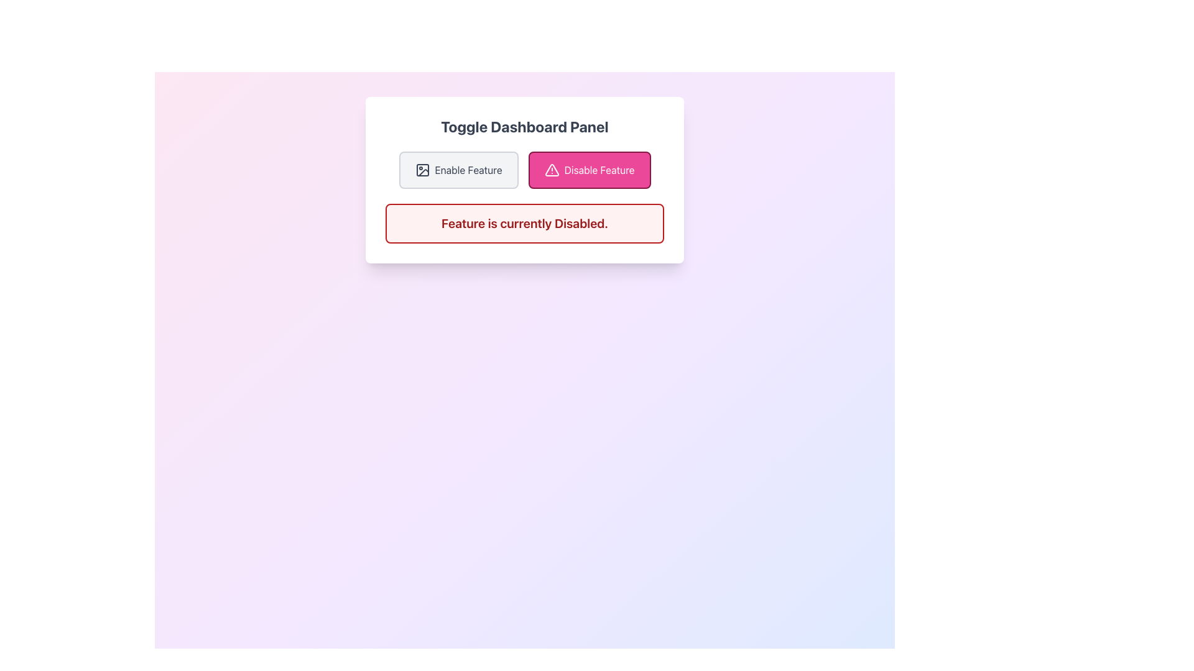  I want to click on the triangular alert icon located within the 'Disable Feature' button, which is to the right of the 'Enable Feature' button in the 'Toggle Dashboard Panel' section, so click(551, 170).